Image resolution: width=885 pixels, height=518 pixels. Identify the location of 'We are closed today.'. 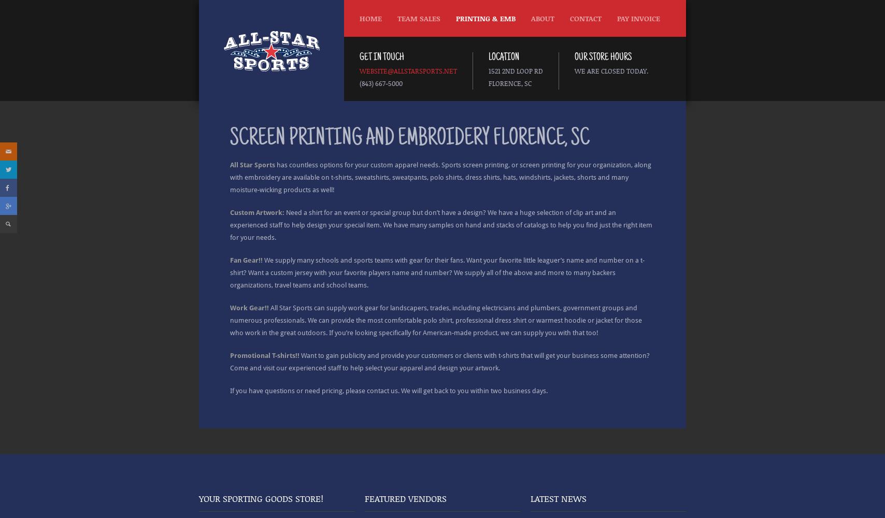
(611, 71).